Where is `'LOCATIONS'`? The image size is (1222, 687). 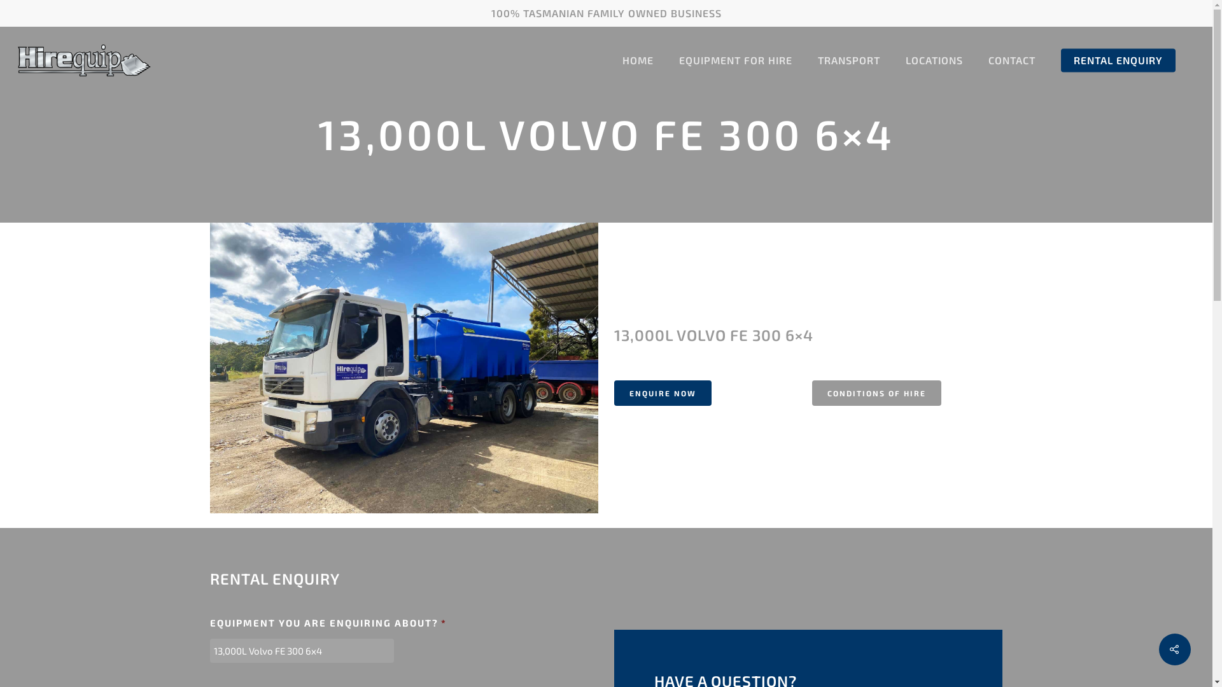 'LOCATIONS' is located at coordinates (892, 60).